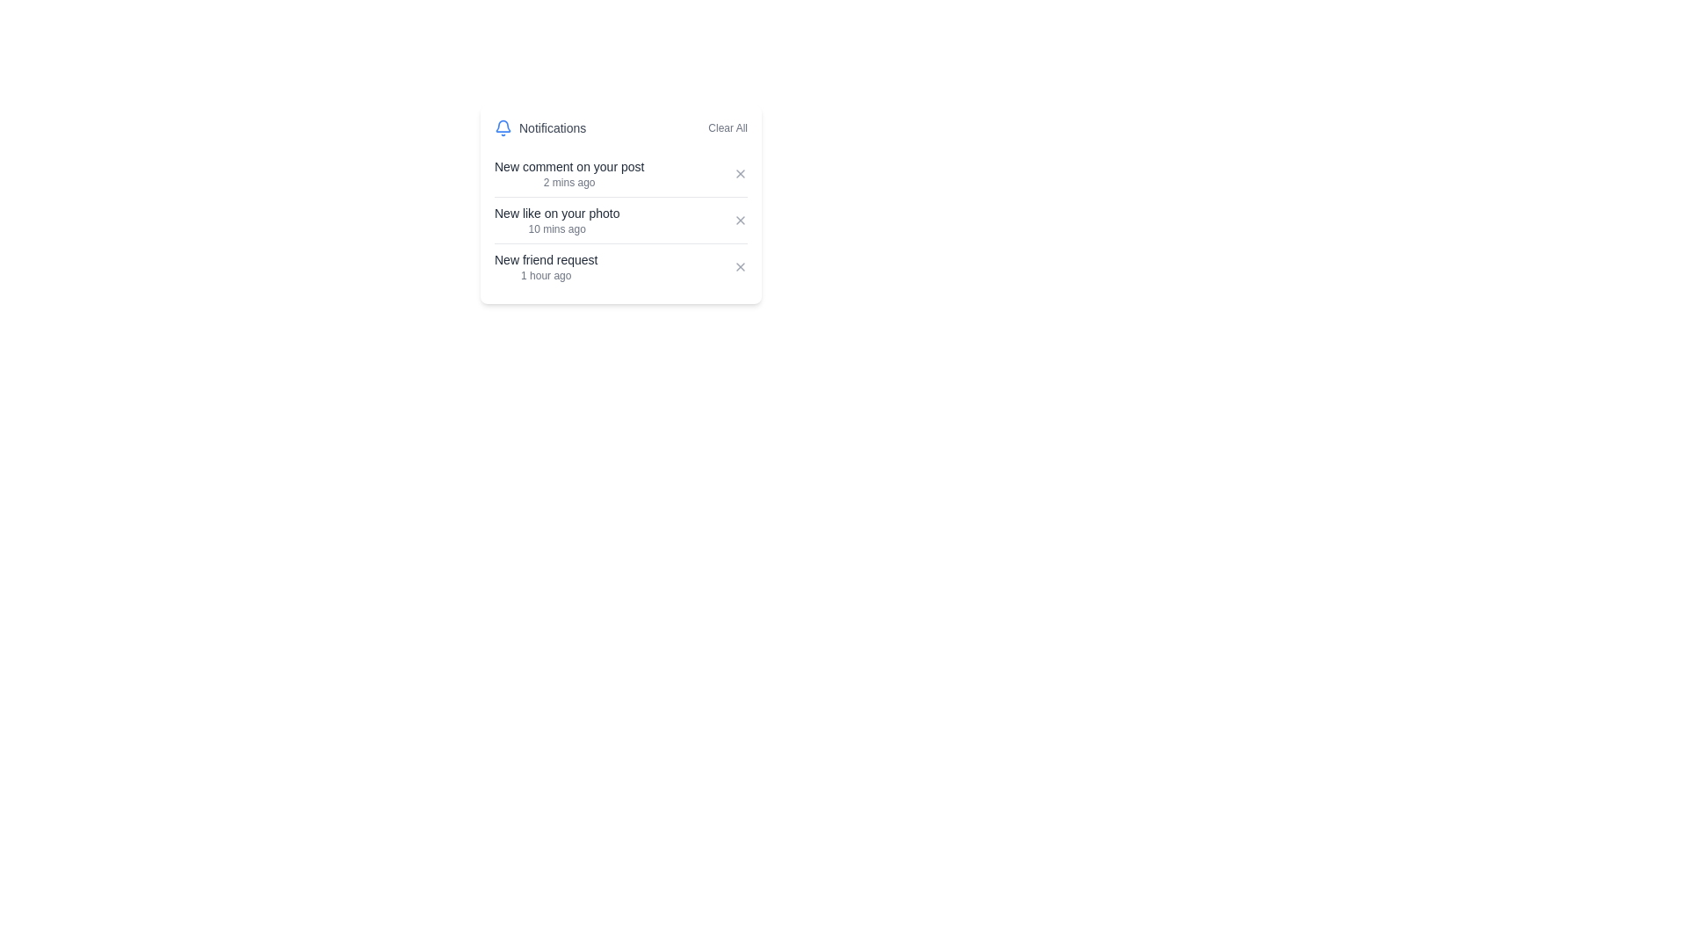 This screenshot has width=1687, height=949. Describe the element at coordinates (620, 219) in the screenshot. I see `the timestamp in the second notification entry of the notification list` at that location.